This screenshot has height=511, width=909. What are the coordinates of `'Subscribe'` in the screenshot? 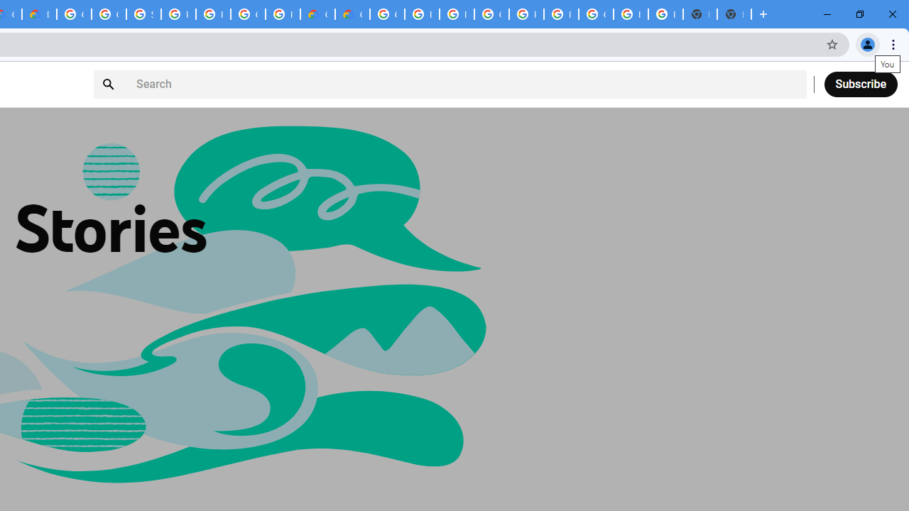 It's located at (860, 84).